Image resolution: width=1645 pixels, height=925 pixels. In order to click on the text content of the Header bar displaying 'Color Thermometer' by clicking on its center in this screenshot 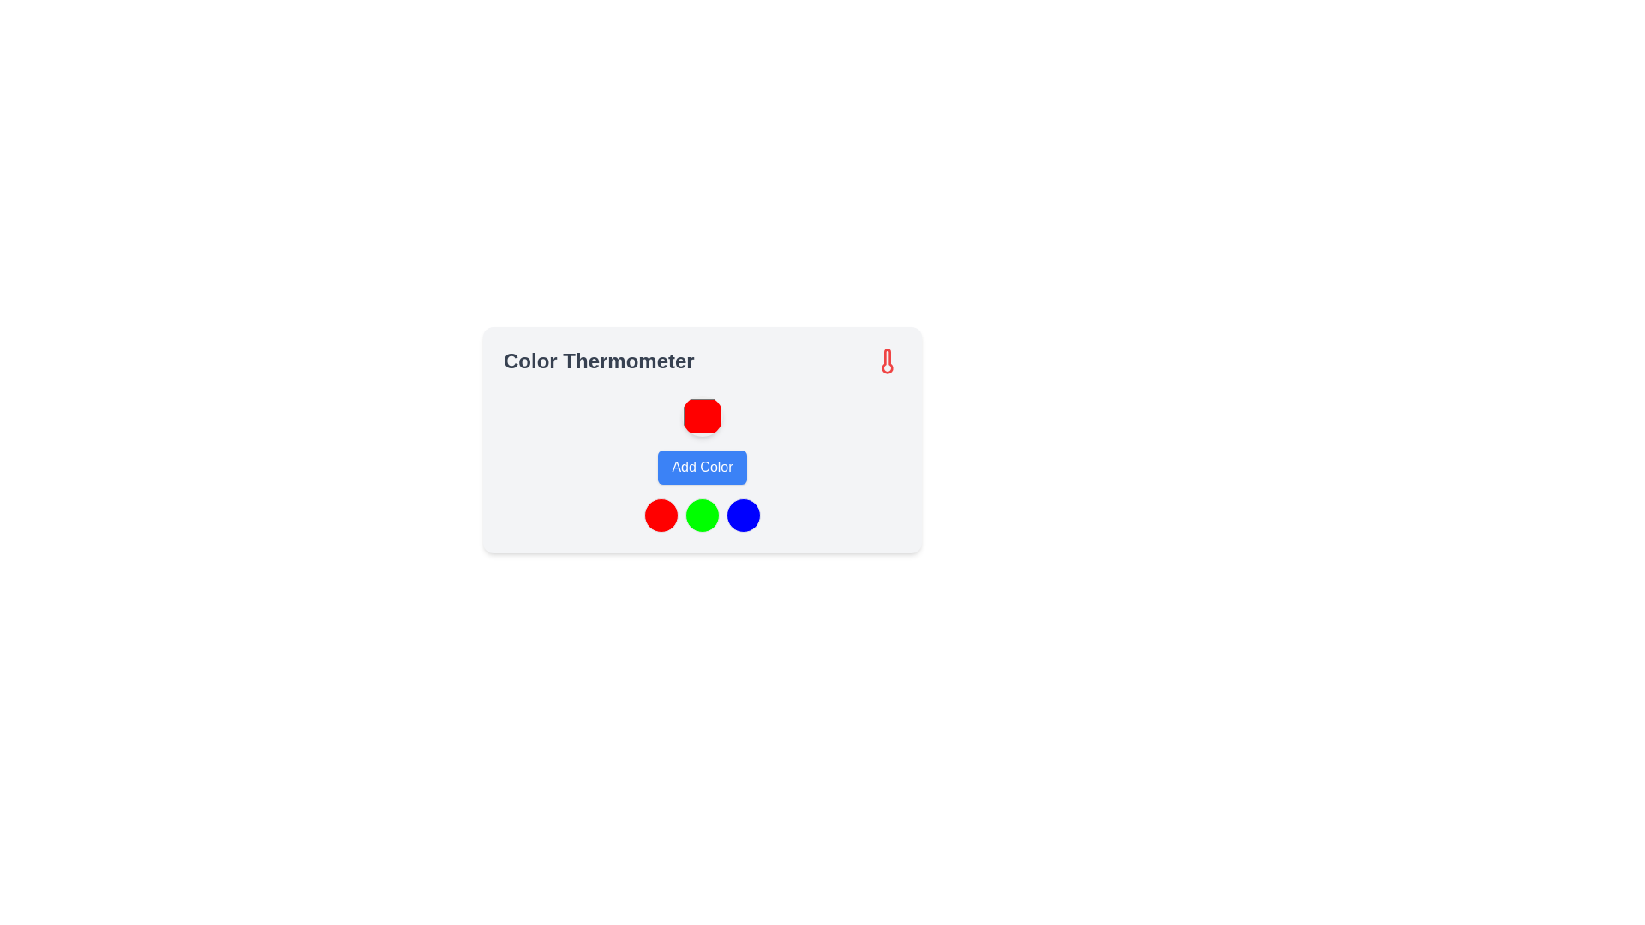, I will do `click(703, 360)`.